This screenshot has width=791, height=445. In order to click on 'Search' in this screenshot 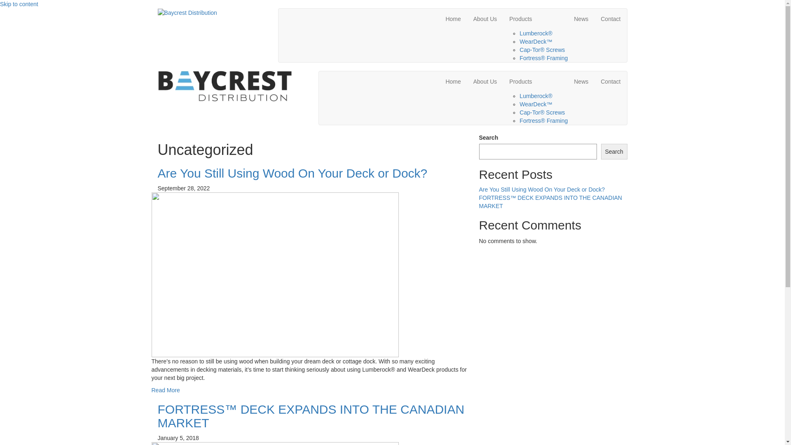, I will do `click(614, 151)`.